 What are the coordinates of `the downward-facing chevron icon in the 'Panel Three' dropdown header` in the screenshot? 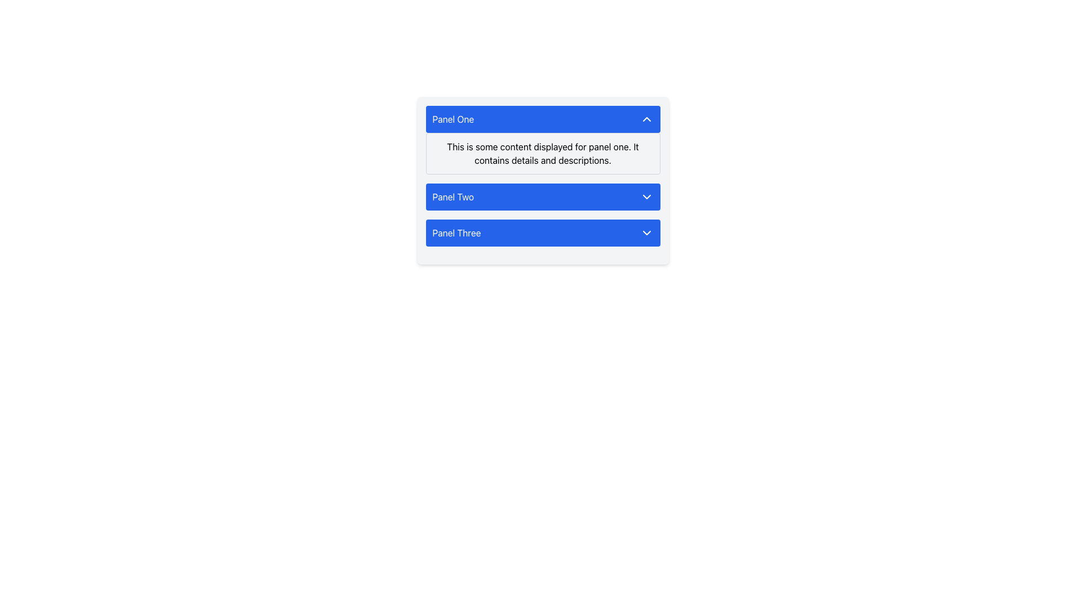 It's located at (646, 232).